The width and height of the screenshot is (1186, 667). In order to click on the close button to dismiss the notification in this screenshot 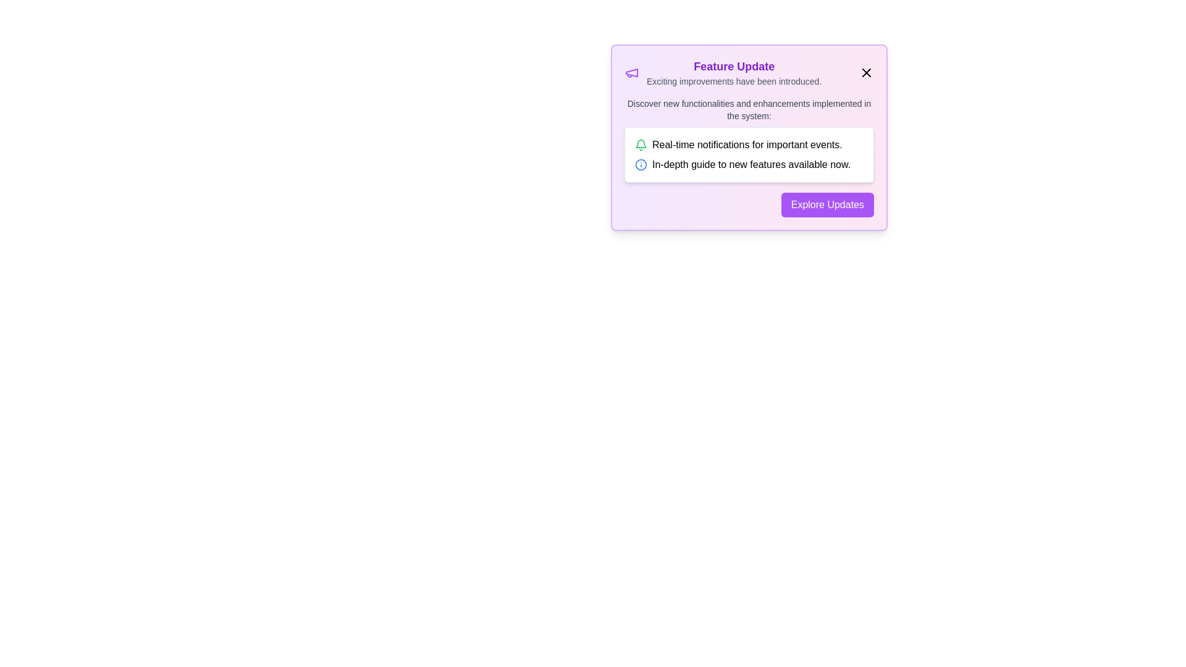, I will do `click(865, 73)`.